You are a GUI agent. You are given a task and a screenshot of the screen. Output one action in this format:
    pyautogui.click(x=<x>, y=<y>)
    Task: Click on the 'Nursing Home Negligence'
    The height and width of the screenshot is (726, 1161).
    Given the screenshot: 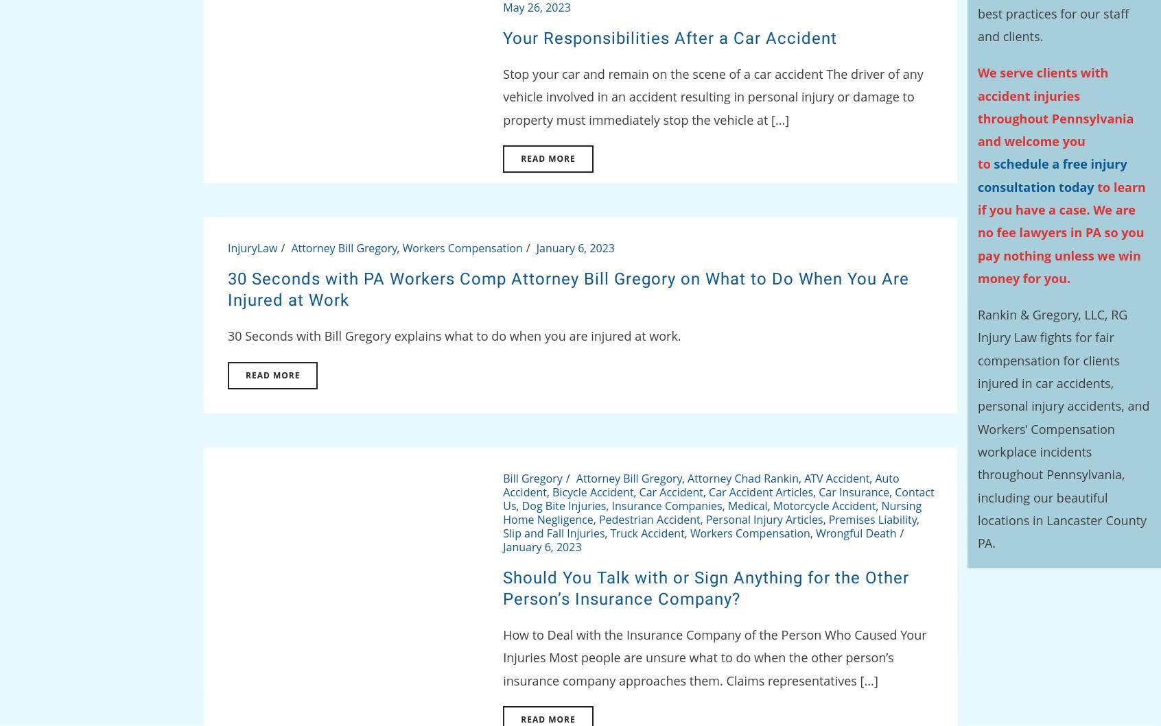 What is the action you would take?
    pyautogui.click(x=712, y=511)
    